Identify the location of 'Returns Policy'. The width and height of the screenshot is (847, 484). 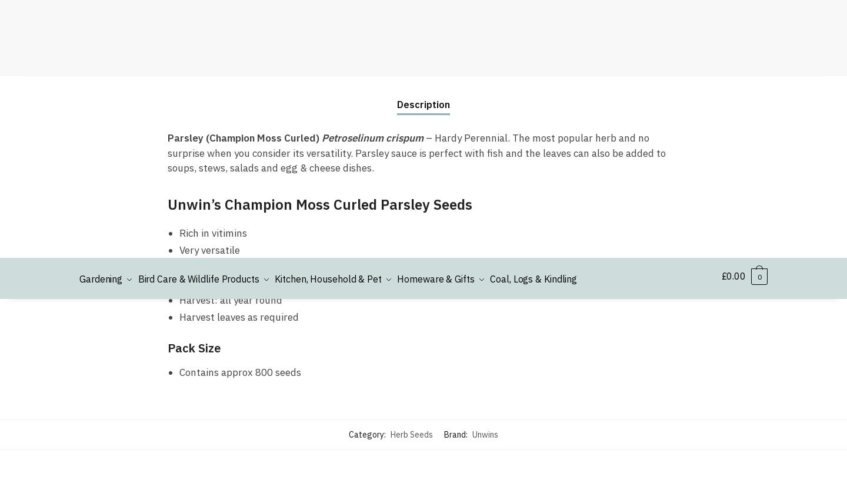
(582, 100).